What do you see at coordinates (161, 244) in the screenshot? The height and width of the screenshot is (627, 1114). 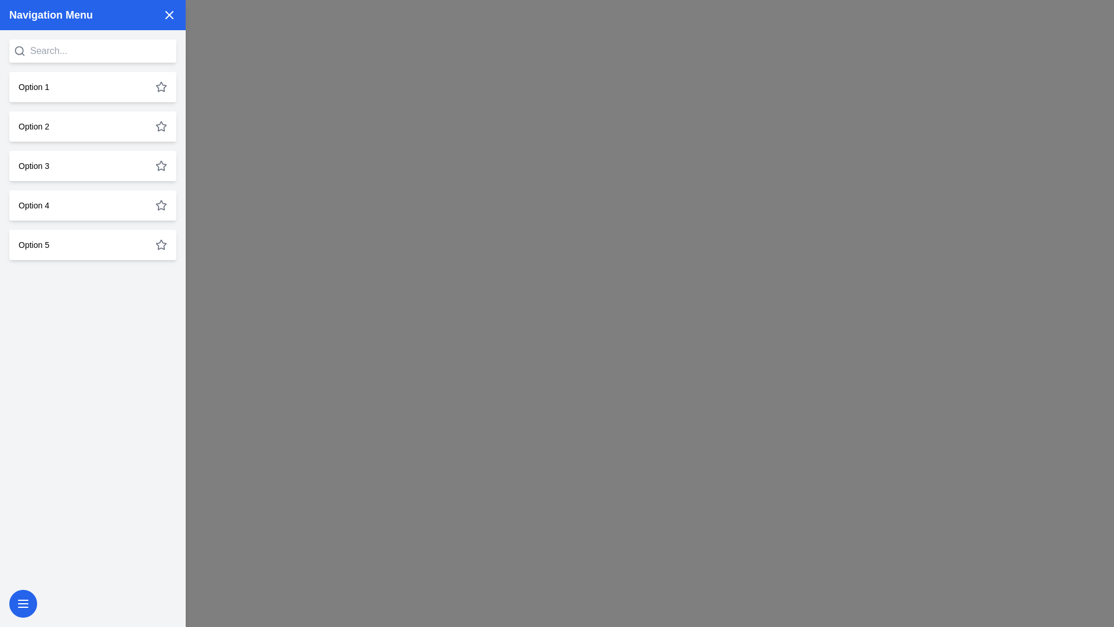 I see `the star-shaped icon with a gray outline located to the right of the 'Option 5' row in the navigation menu` at bounding box center [161, 244].